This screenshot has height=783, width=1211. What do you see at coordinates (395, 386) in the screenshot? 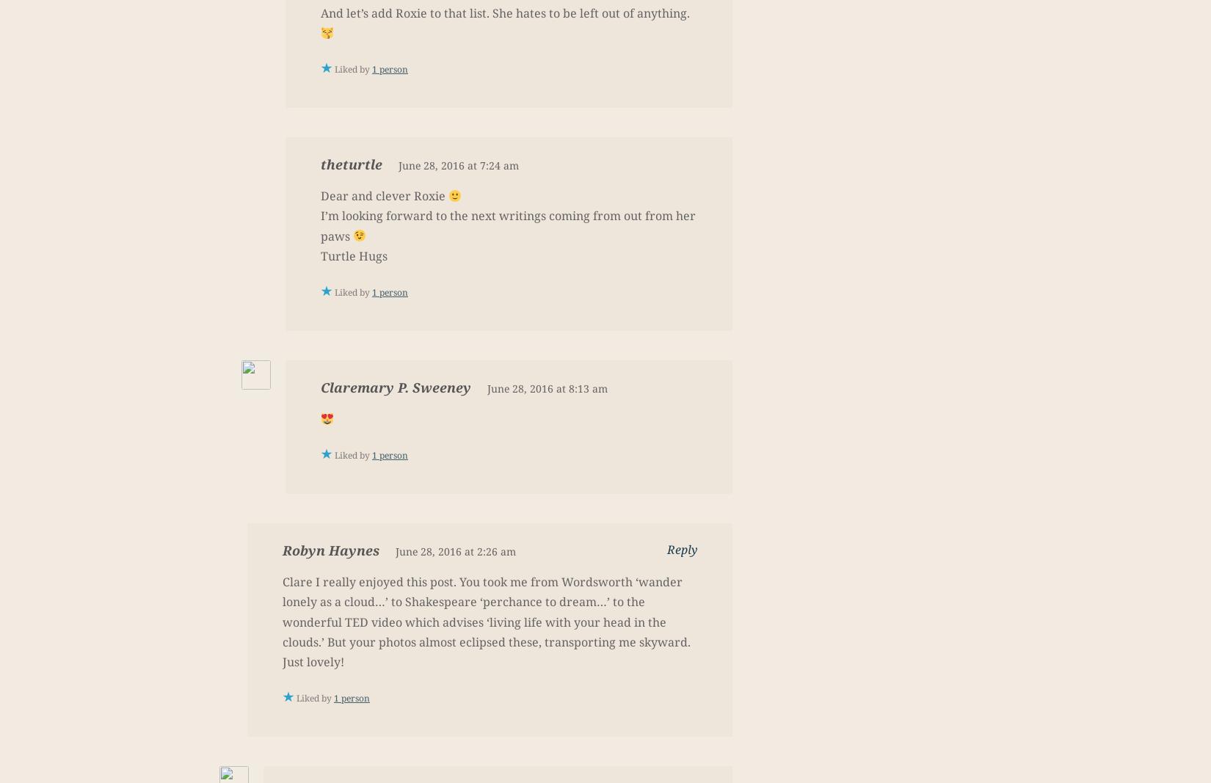
I see `'Claremary P. Sweeney'` at bounding box center [395, 386].